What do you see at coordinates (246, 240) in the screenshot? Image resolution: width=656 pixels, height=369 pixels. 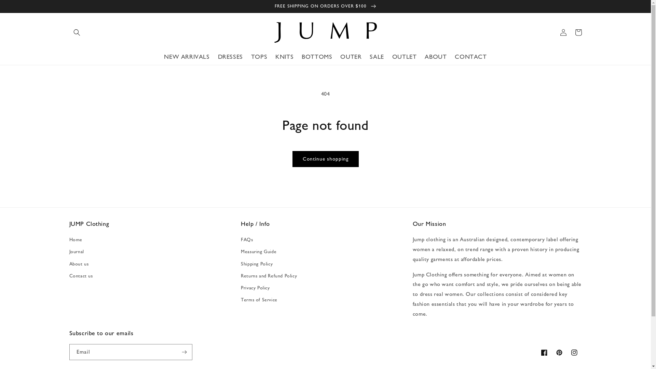 I see `'FAQs'` at bounding box center [246, 240].